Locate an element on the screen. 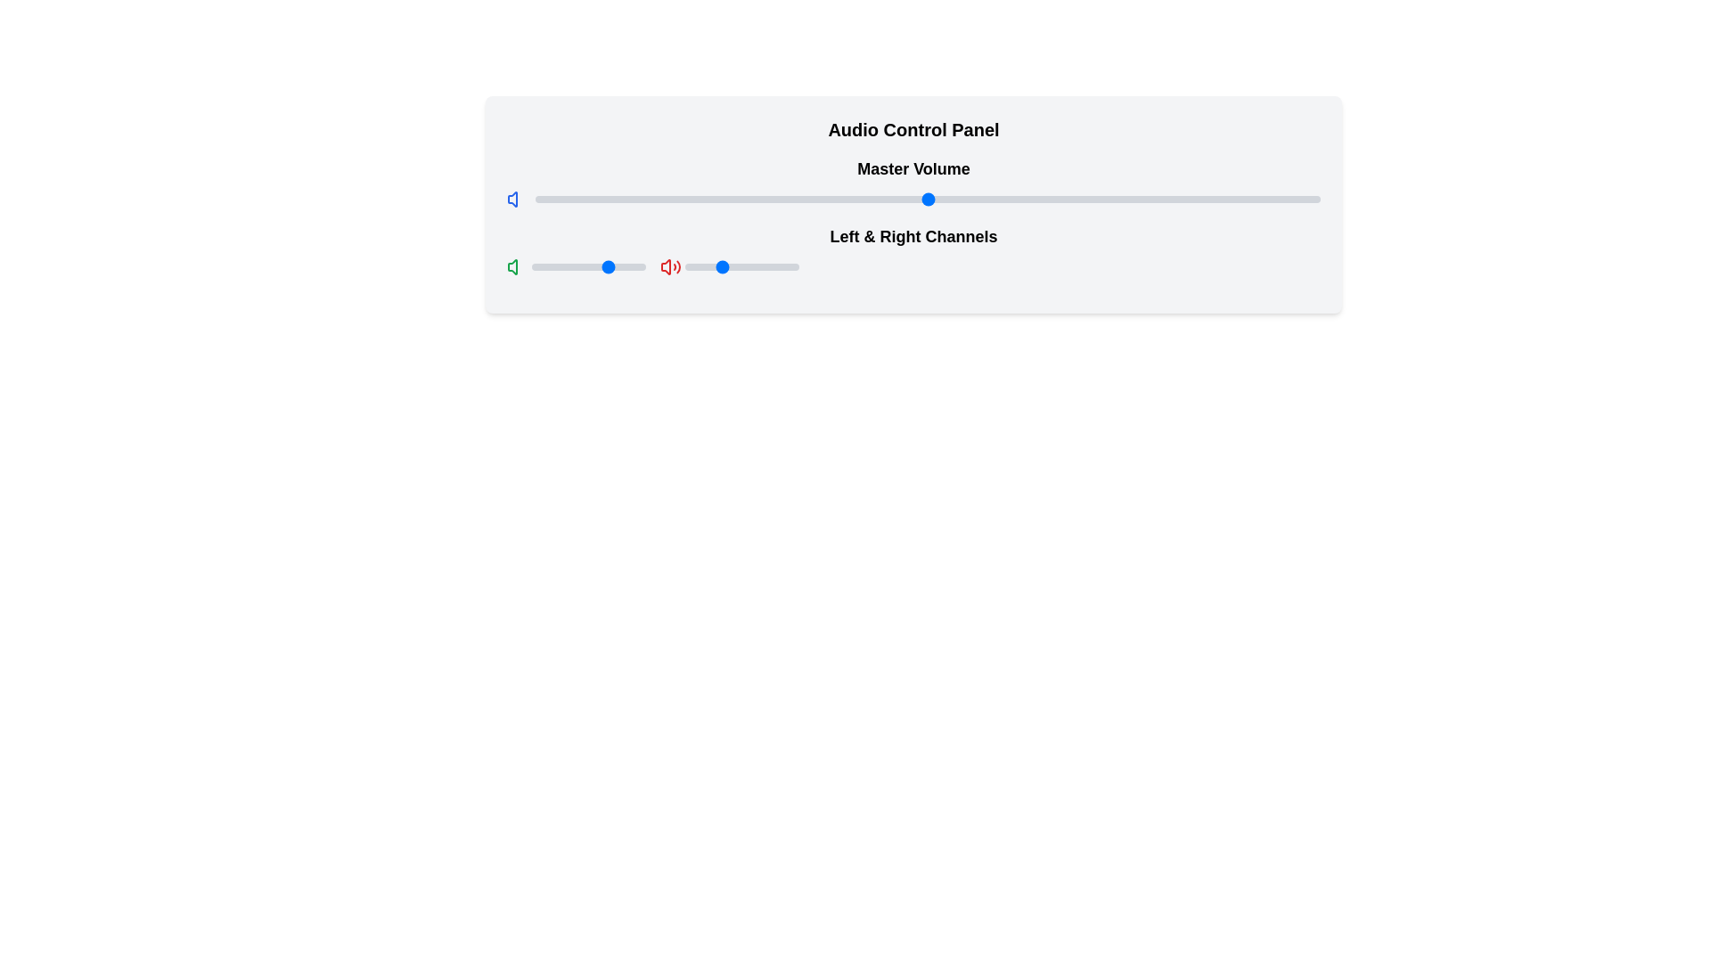 Image resolution: width=1711 pixels, height=962 pixels. the master volume level is located at coordinates (950, 199).